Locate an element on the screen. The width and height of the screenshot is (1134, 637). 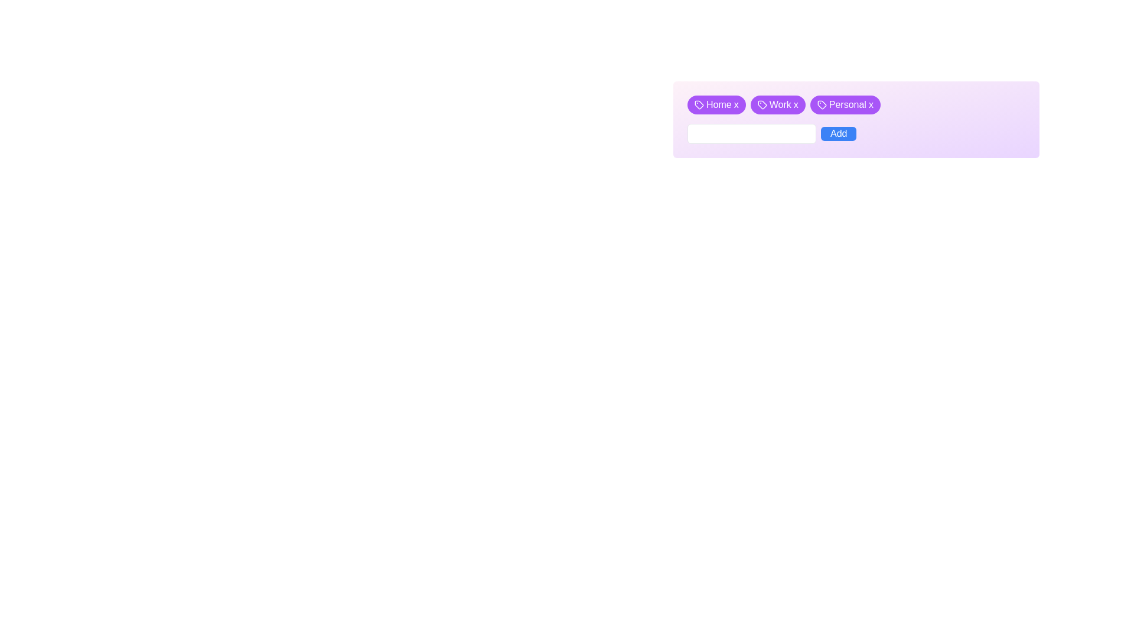
the 'Home' text label within the purple button, which is part of a collection of tag buttons in the top-left section of the display is located at coordinates (718, 104).